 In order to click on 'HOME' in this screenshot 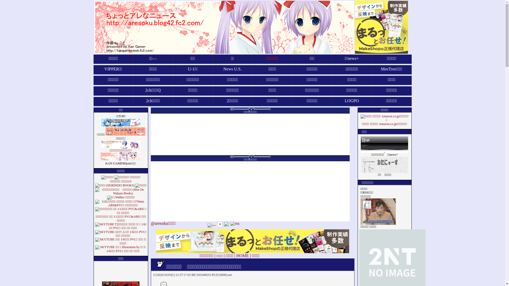, I will do `click(242, 255)`.